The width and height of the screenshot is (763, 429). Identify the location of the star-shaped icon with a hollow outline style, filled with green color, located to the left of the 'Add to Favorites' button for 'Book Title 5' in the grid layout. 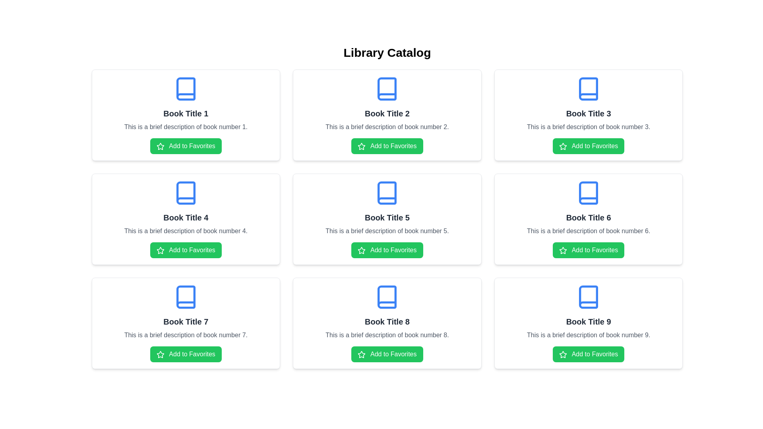
(361, 250).